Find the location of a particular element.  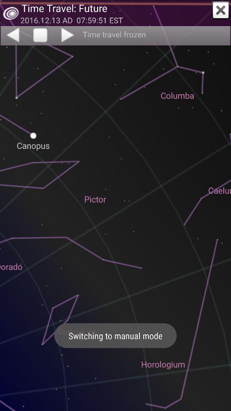

more forward is located at coordinates (68, 35).